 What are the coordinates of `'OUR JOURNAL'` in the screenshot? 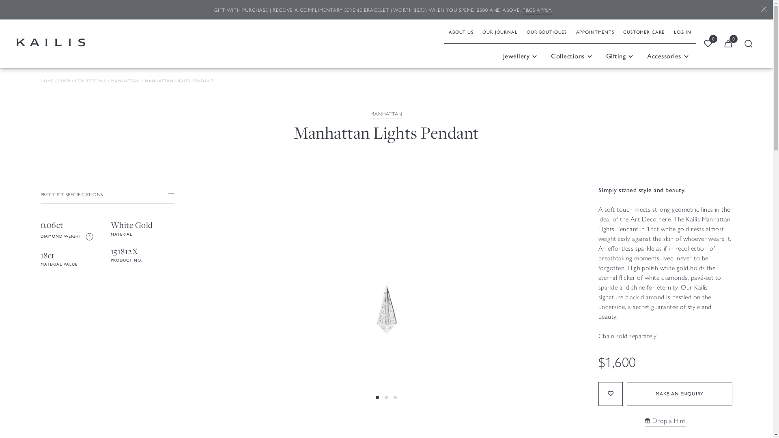 It's located at (499, 31).